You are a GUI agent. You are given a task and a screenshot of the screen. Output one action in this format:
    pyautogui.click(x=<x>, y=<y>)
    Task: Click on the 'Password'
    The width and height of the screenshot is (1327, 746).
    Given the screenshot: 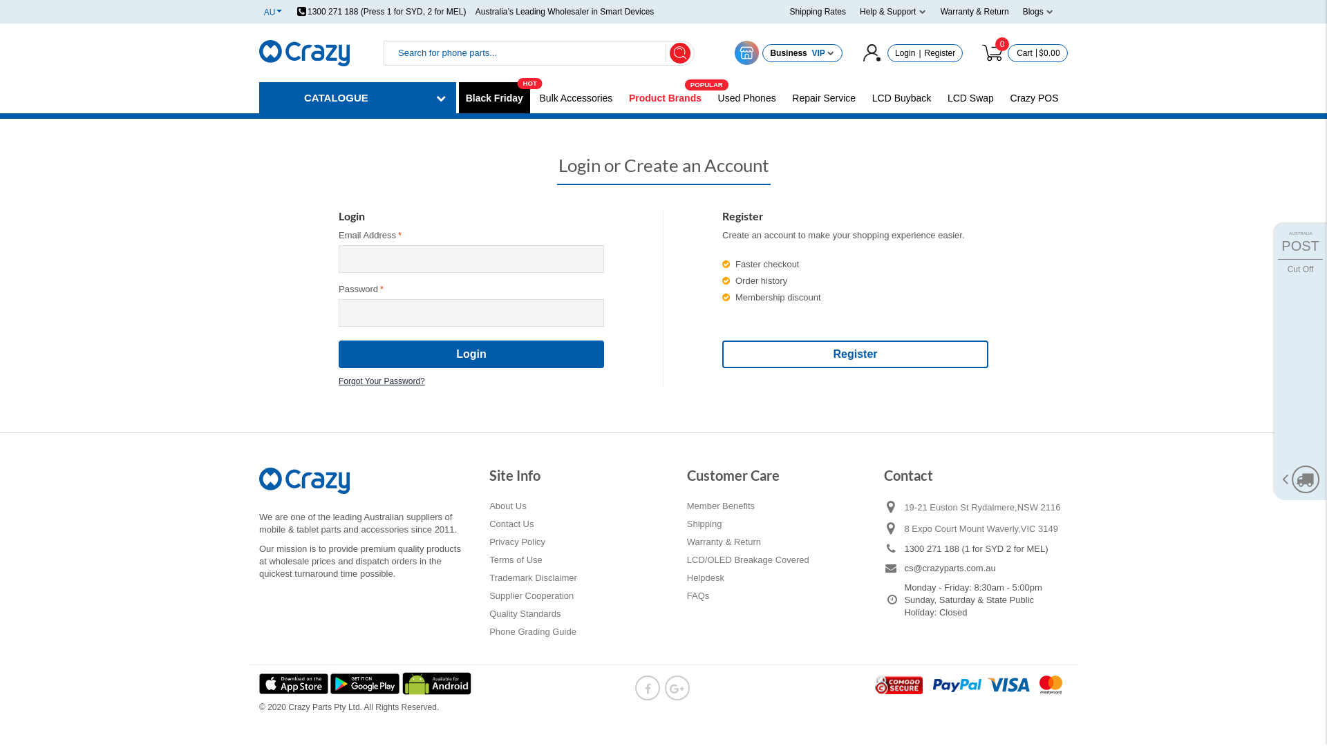 What is the action you would take?
    pyautogui.click(x=471, y=312)
    